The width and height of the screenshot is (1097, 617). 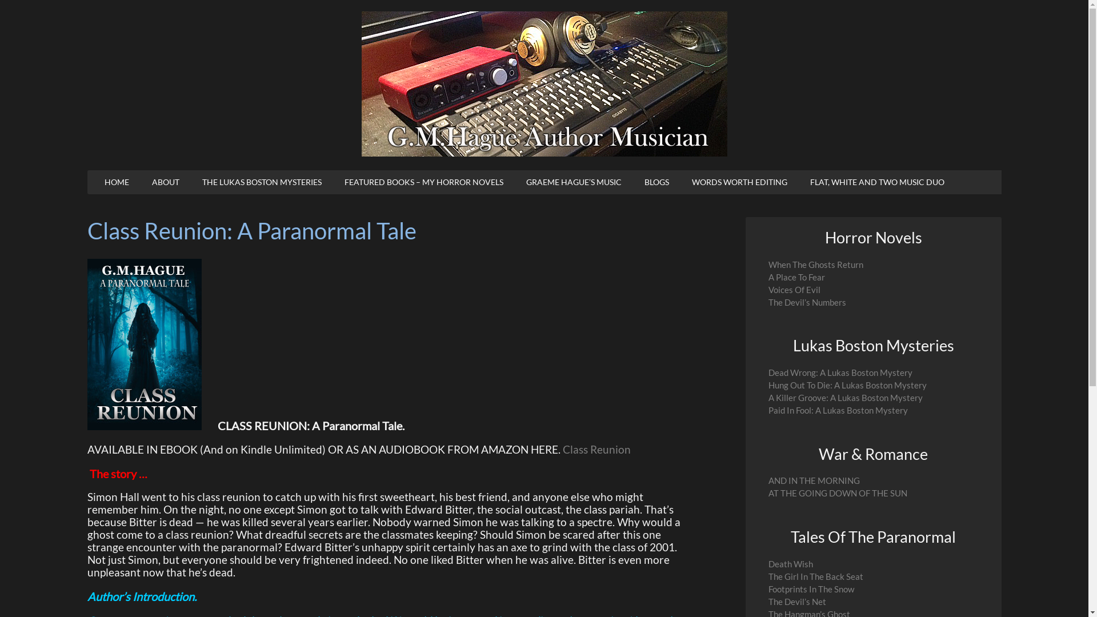 I want to click on 'Dead Wrong: A Lukas Boston Mystery', so click(x=839, y=372).